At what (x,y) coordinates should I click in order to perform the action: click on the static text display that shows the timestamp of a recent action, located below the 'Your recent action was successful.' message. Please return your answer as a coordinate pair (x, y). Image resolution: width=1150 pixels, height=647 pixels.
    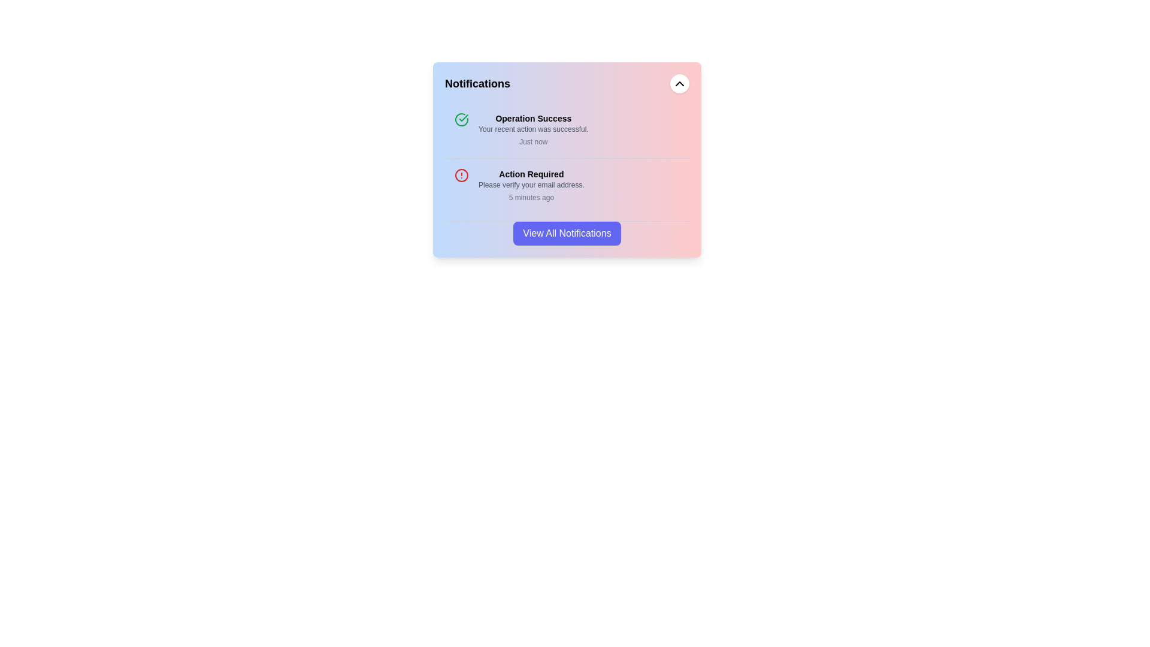
    Looking at the image, I should click on (532, 141).